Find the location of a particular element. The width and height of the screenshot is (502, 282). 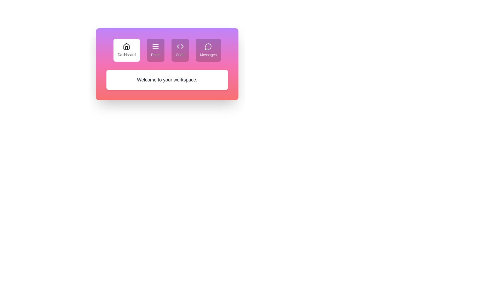

the icon of the tab labeled Code is located at coordinates (180, 46).